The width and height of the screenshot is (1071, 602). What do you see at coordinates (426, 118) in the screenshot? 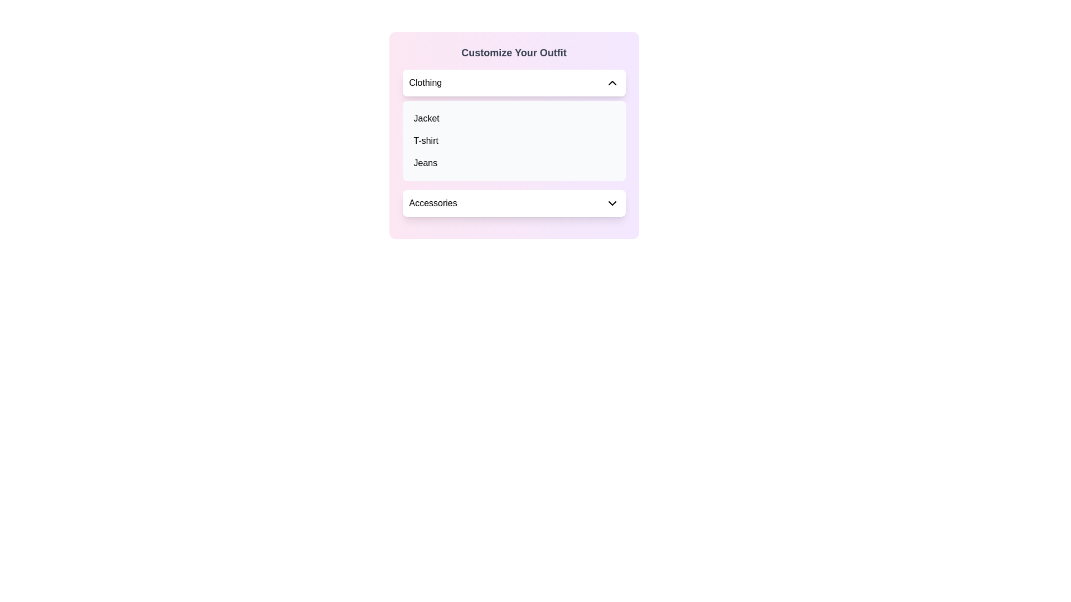
I see `the 'Jacket' category option within the second item of the 'Clothing' dropdown list` at bounding box center [426, 118].